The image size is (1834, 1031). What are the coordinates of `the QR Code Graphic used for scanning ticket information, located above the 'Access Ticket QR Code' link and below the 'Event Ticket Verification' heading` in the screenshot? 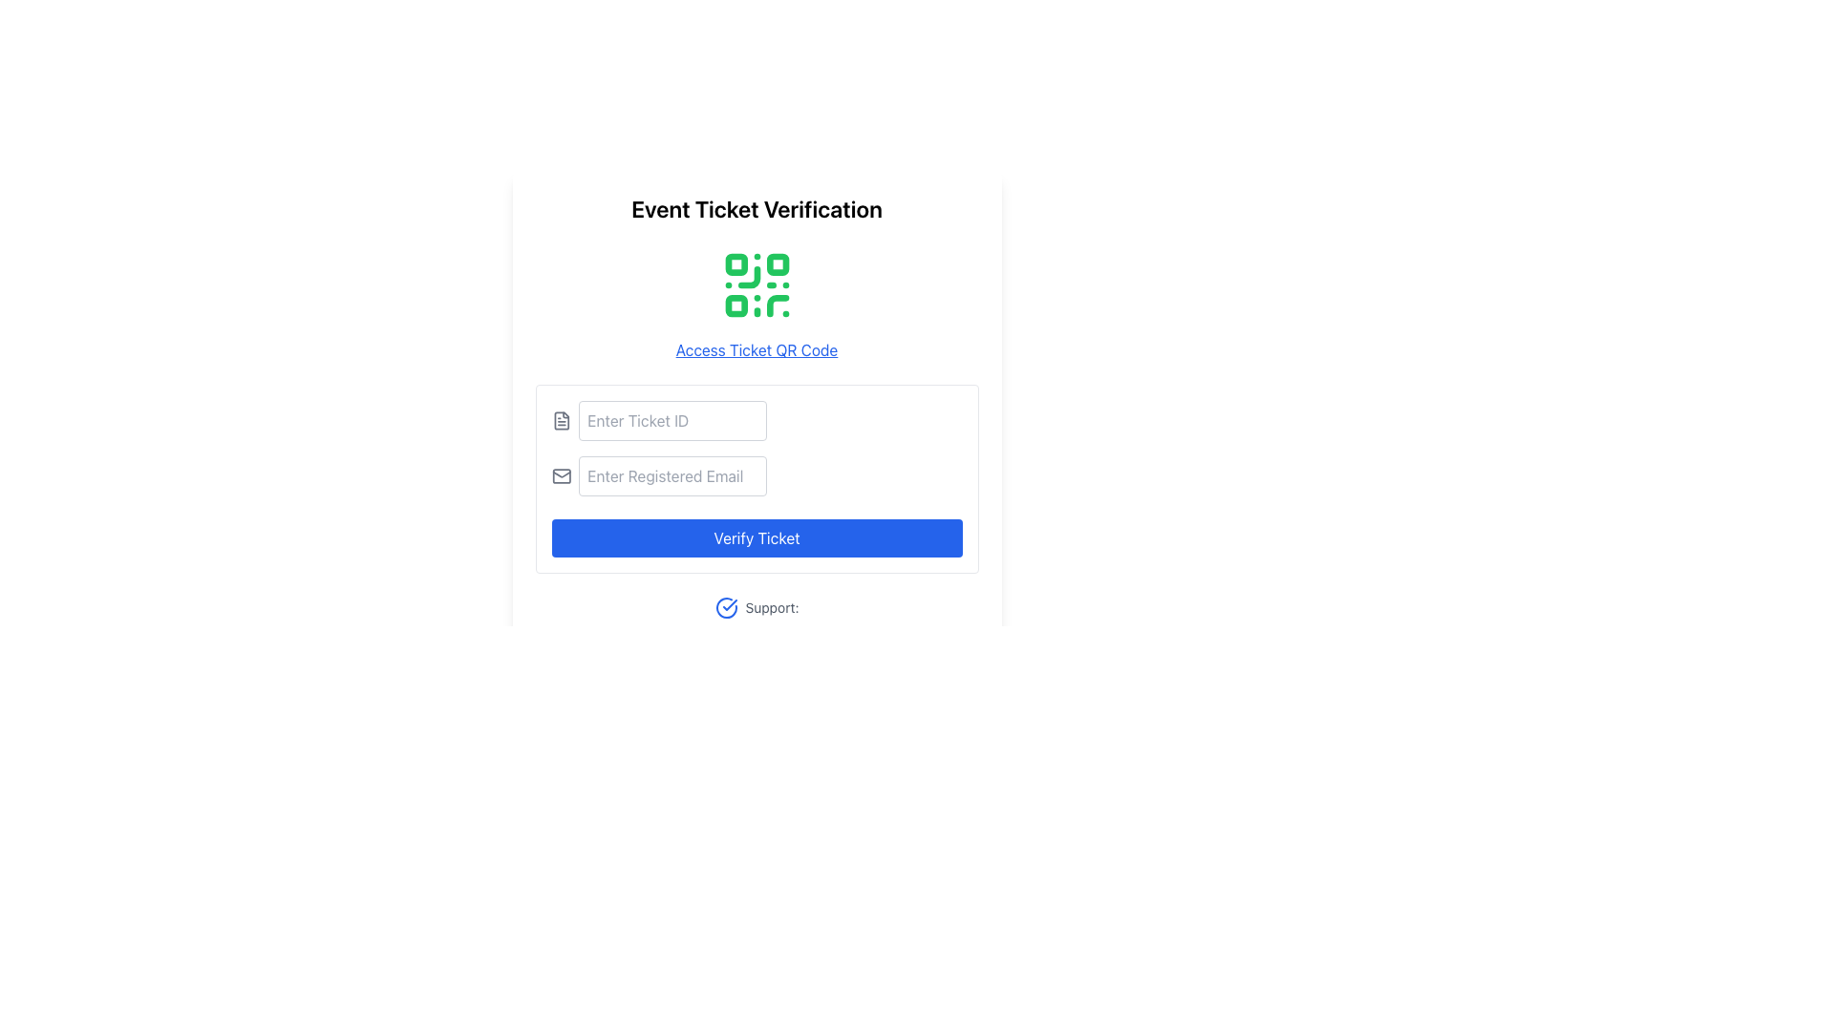 It's located at (756, 285).